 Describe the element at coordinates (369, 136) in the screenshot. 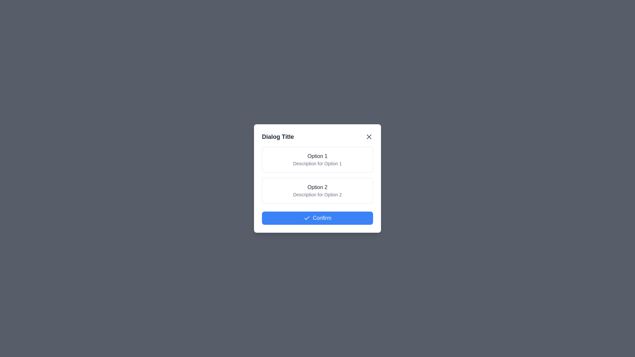

I see `the close button (X icon) to close the dialog` at that location.